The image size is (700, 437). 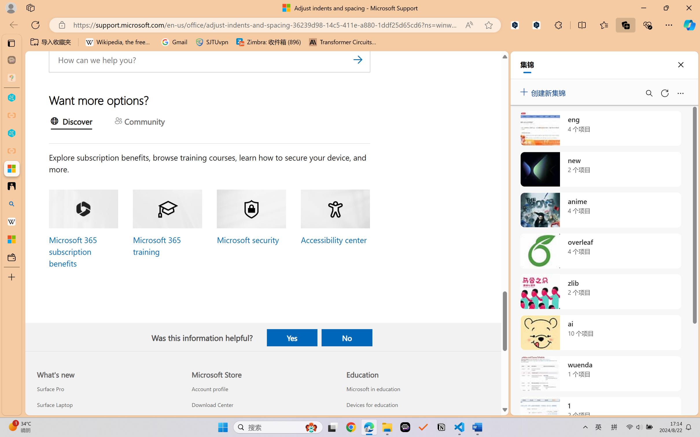 I want to click on 'How can we help you?', so click(x=209, y=60).